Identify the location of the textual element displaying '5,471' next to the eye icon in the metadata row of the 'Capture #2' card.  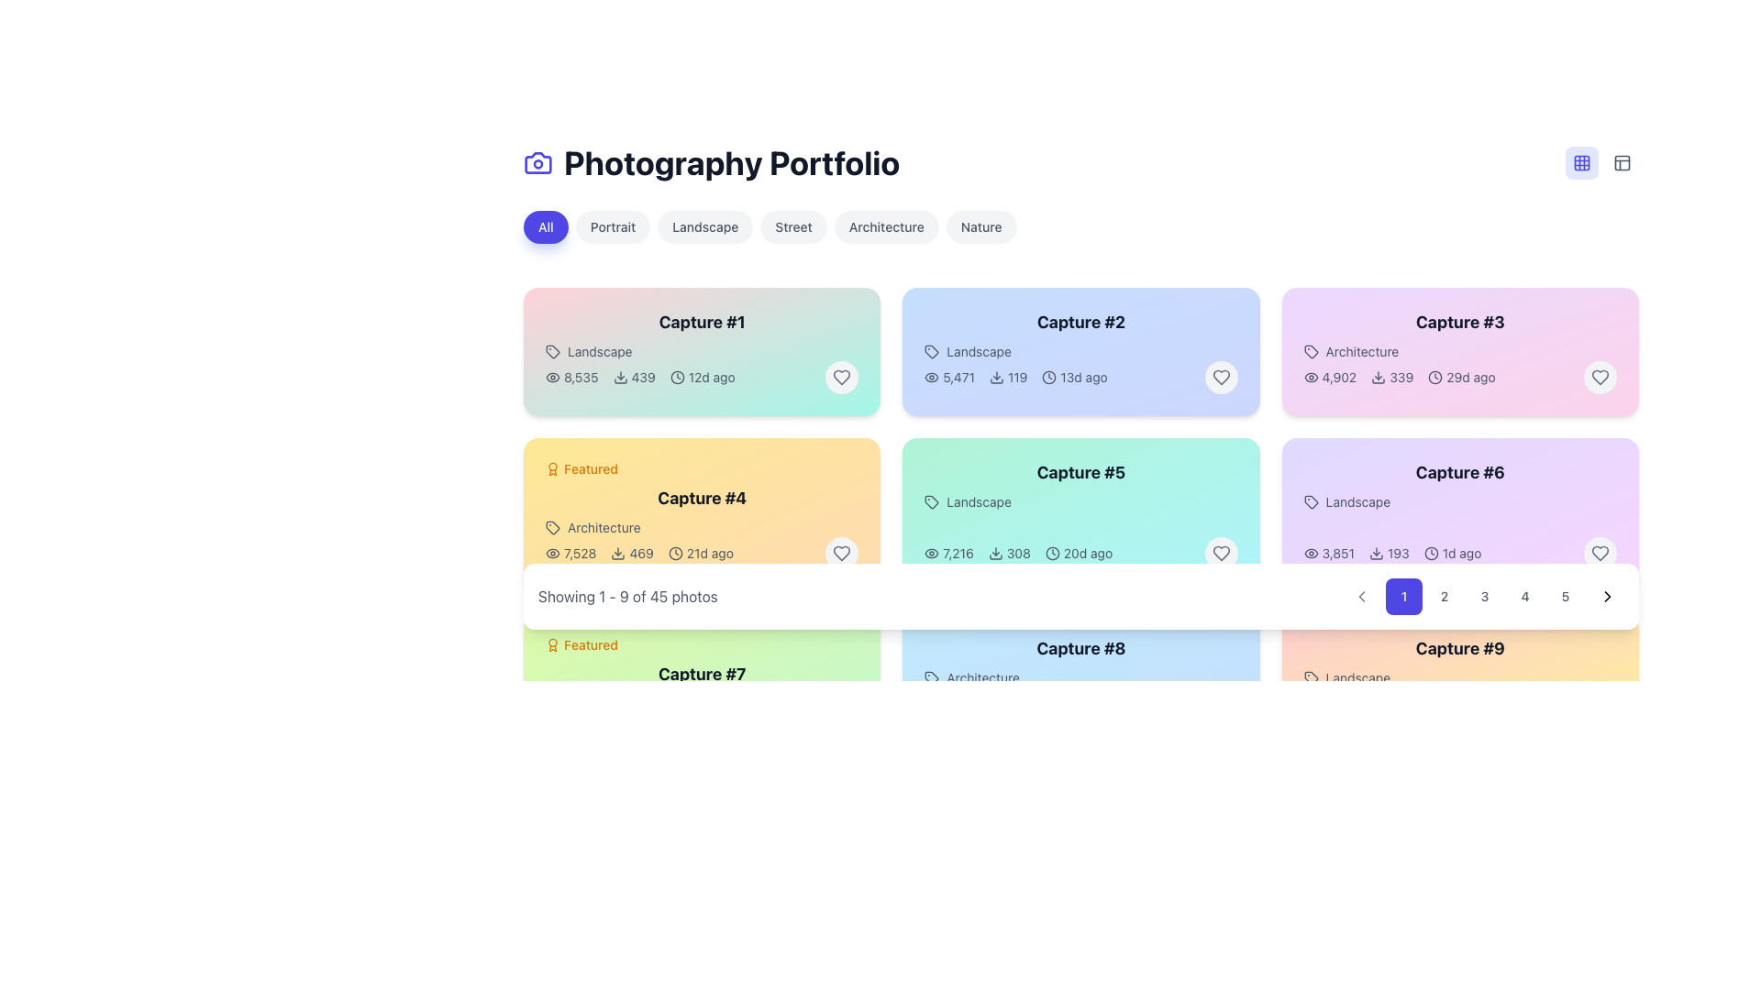
(949, 377).